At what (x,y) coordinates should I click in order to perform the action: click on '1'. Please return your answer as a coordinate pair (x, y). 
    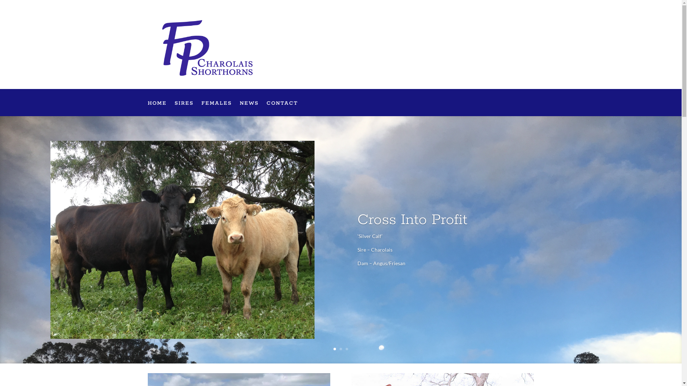
    Looking at the image, I should click on (334, 348).